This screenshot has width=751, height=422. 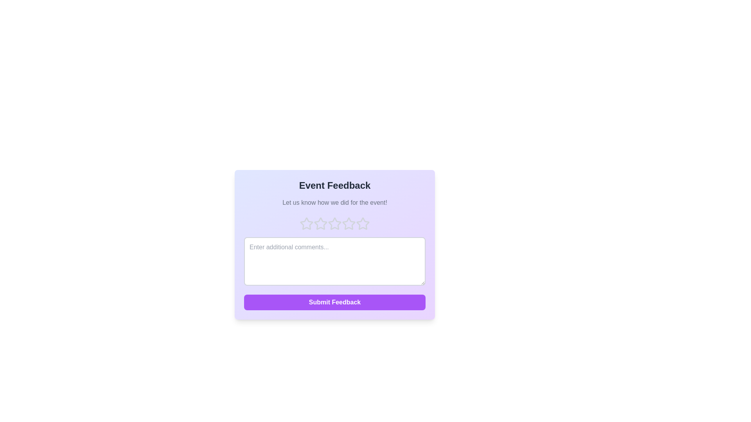 I want to click on the third star, so click(x=334, y=224).